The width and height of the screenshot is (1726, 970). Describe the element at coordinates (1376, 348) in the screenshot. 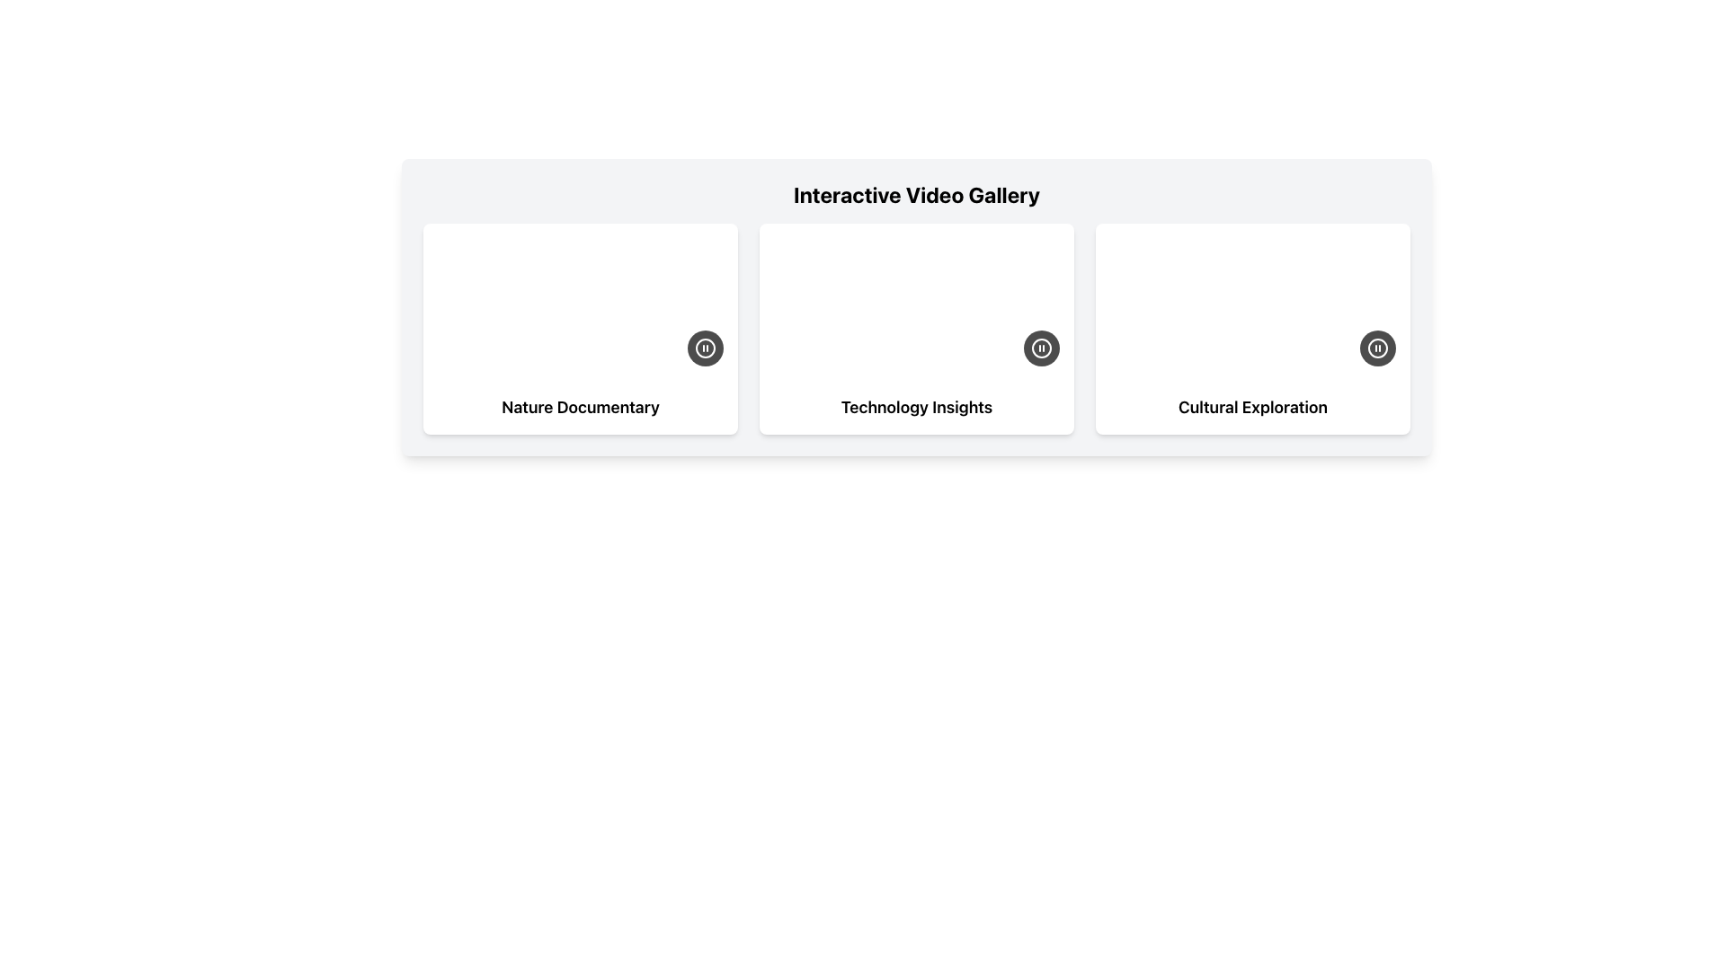

I see `the circular pause button located in the bottom-right corner of the 'Cultural Exploration' card` at that location.